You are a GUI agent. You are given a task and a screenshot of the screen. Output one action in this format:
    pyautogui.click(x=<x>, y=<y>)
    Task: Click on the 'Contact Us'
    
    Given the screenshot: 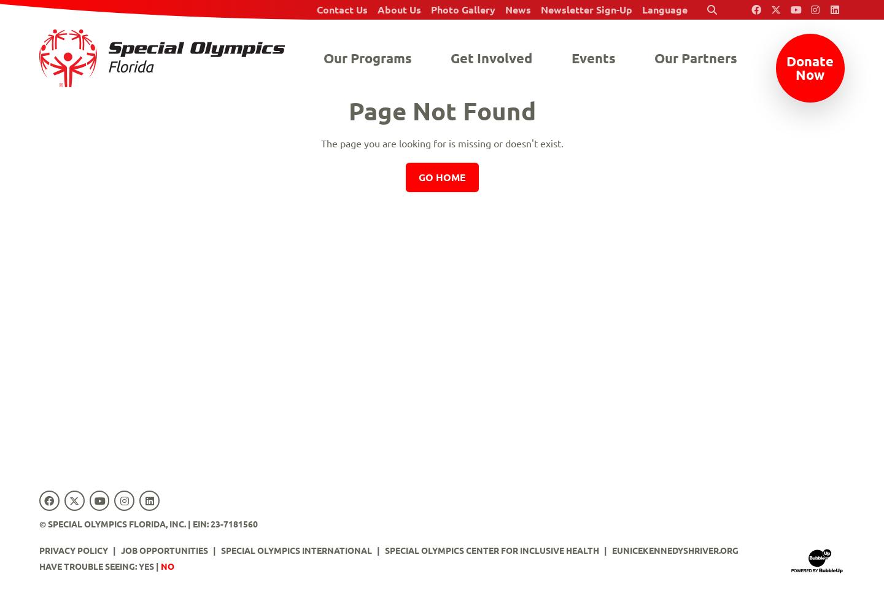 What is the action you would take?
    pyautogui.click(x=342, y=9)
    